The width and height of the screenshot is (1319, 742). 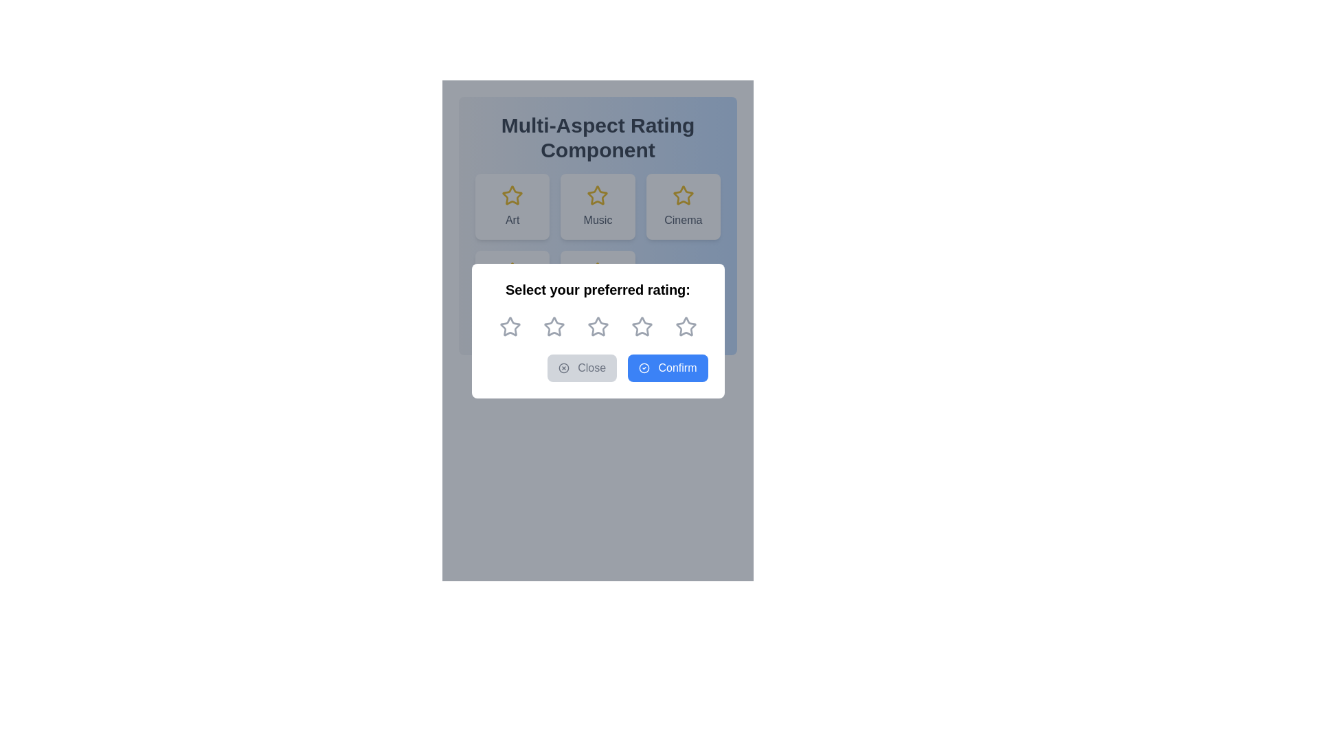 What do you see at coordinates (563, 368) in the screenshot?
I see `the 'Close' icon, which is located slightly to the left of the text label 'Close' in the interface` at bounding box center [563, 368].